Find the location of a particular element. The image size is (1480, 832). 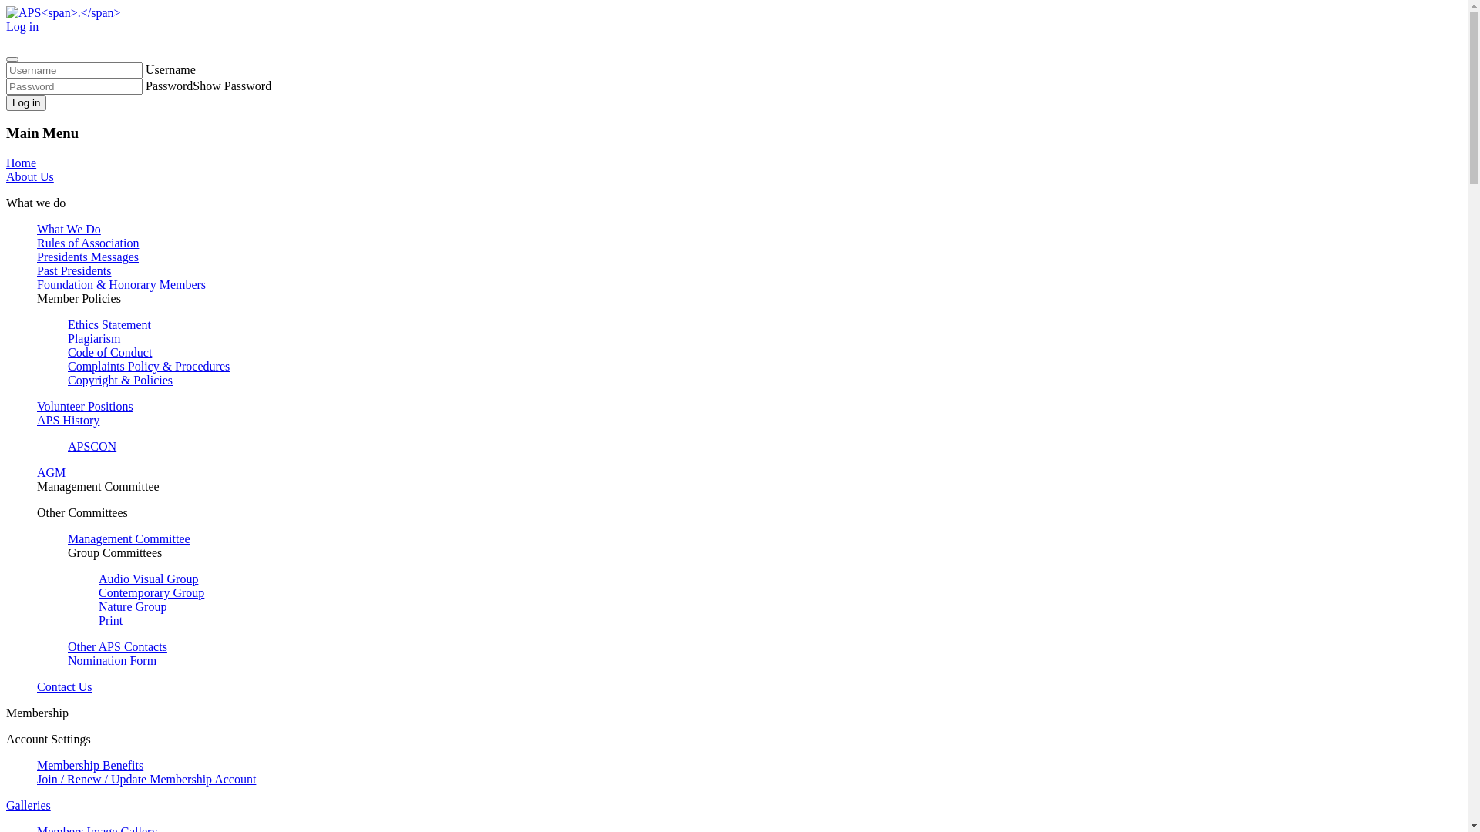

'Code of Conduct' is located at coordinates (109, 352).